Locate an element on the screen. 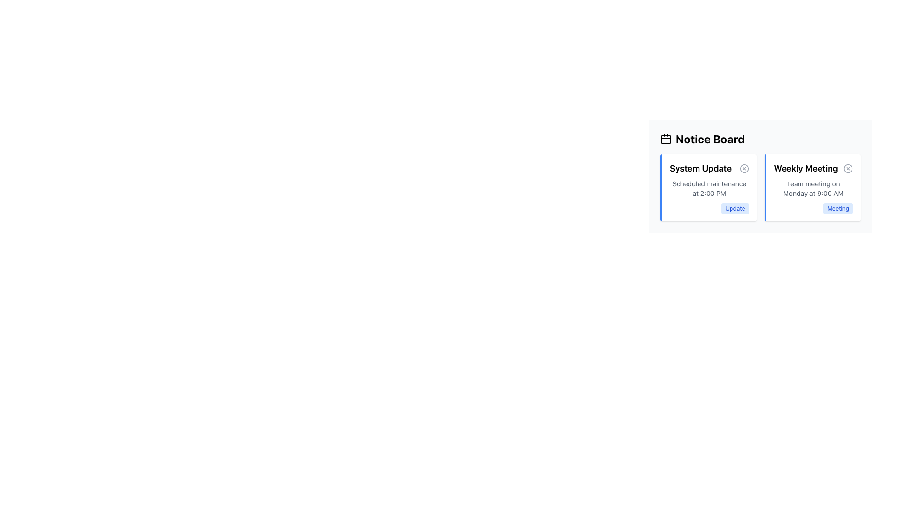 The width and height of the screenshot is (918, 516). title text label located at the top left corner of the notification card on the notice board interface is located at coordinates (700, 168).